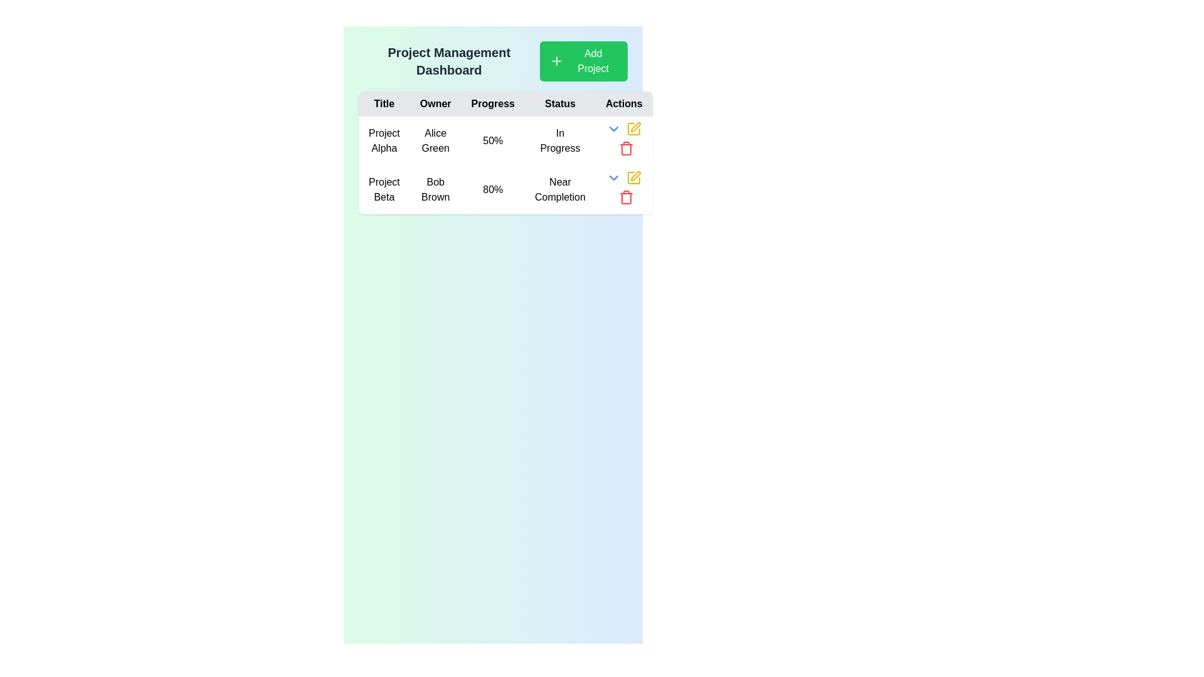  What do you see at coordinates (505, 103) in the screenshot?
I see `the Table Header Row which has a gray background and contains sections labeled 'Title', 'Owner', 'Progress', 'Status', and 'Actions'` at bounding box center [505, 103].